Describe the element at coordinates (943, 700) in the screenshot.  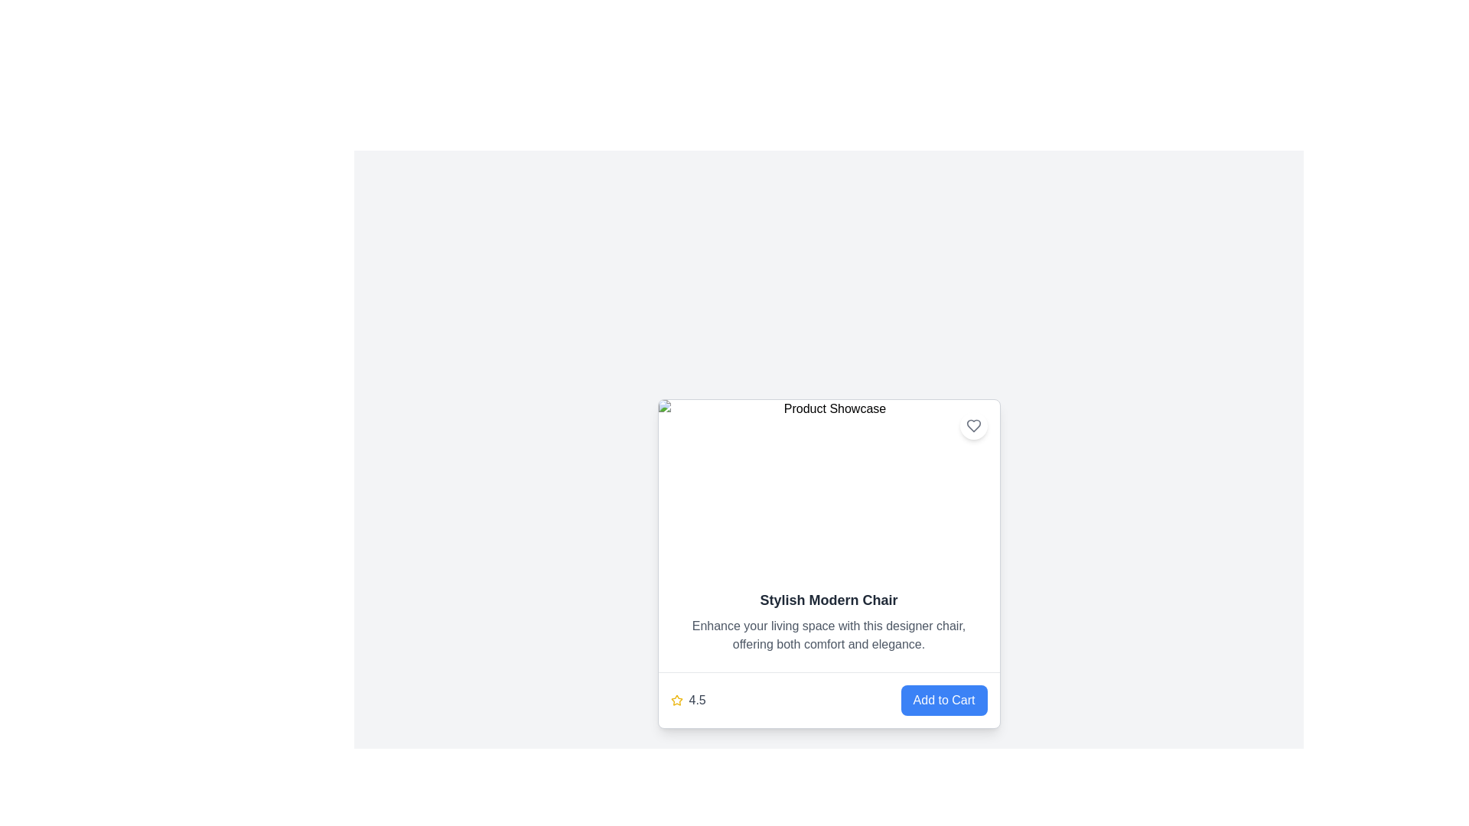
I see `the 'Add to Cart' button, which is a rectangular button with a blue background and white text, located in the bottom-right section of a card layout, to observe the visual feedback` at that location.